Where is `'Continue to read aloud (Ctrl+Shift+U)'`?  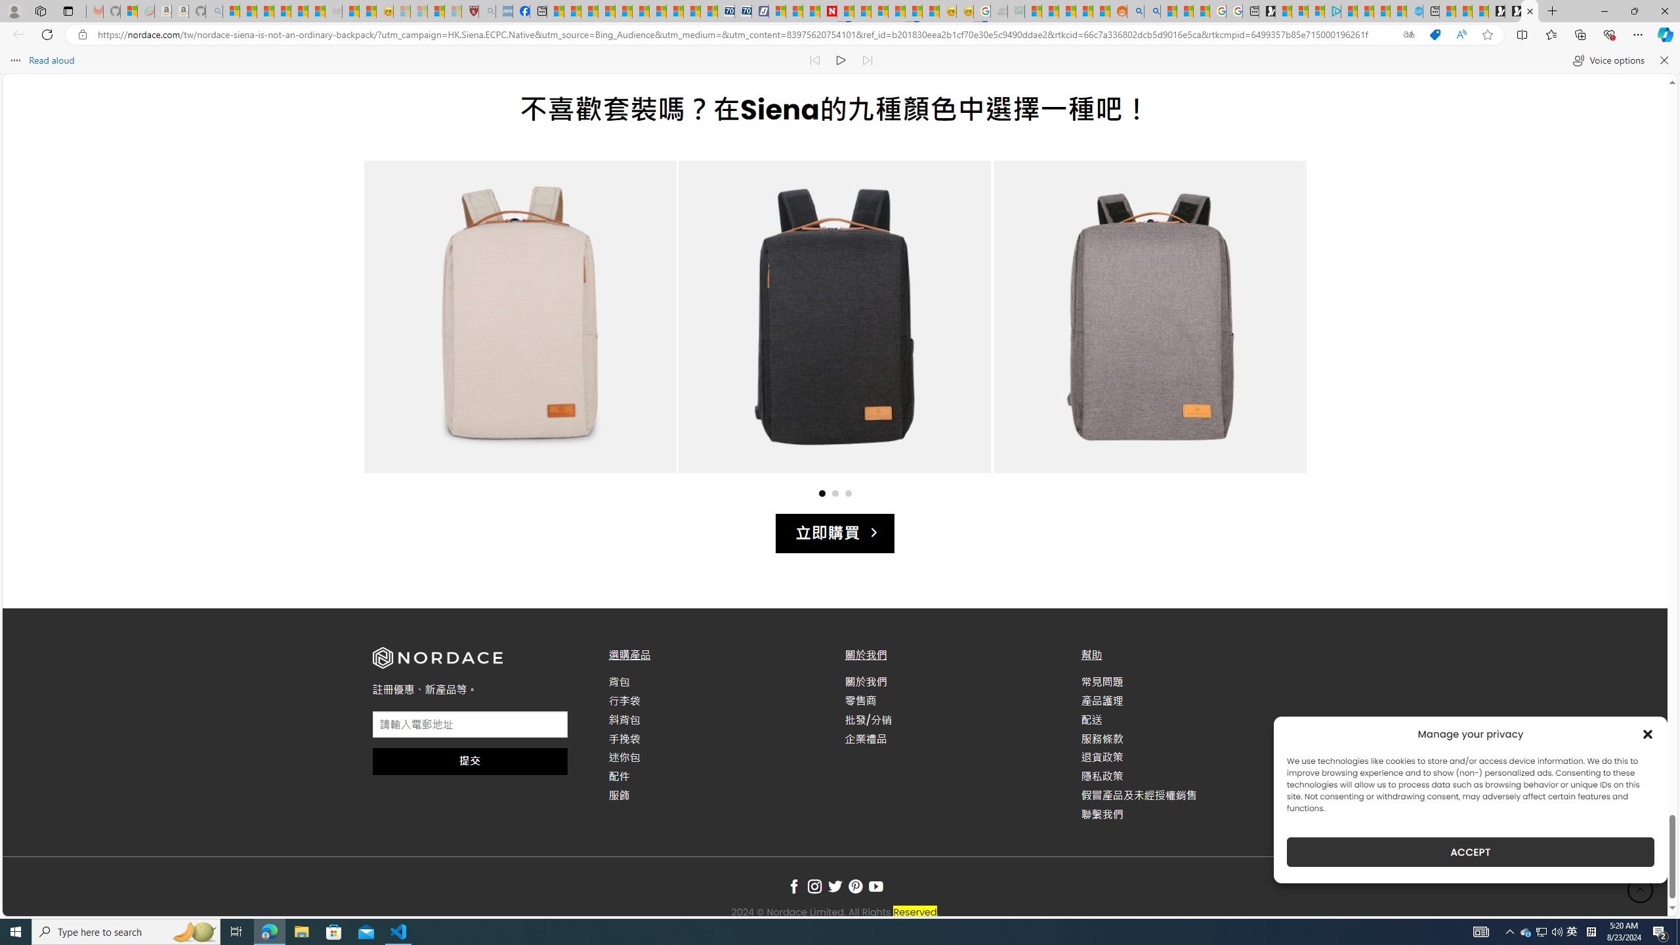 'Continue to read aloud (Ctrl+Shift+U)' is located at coordinates (841, 60).